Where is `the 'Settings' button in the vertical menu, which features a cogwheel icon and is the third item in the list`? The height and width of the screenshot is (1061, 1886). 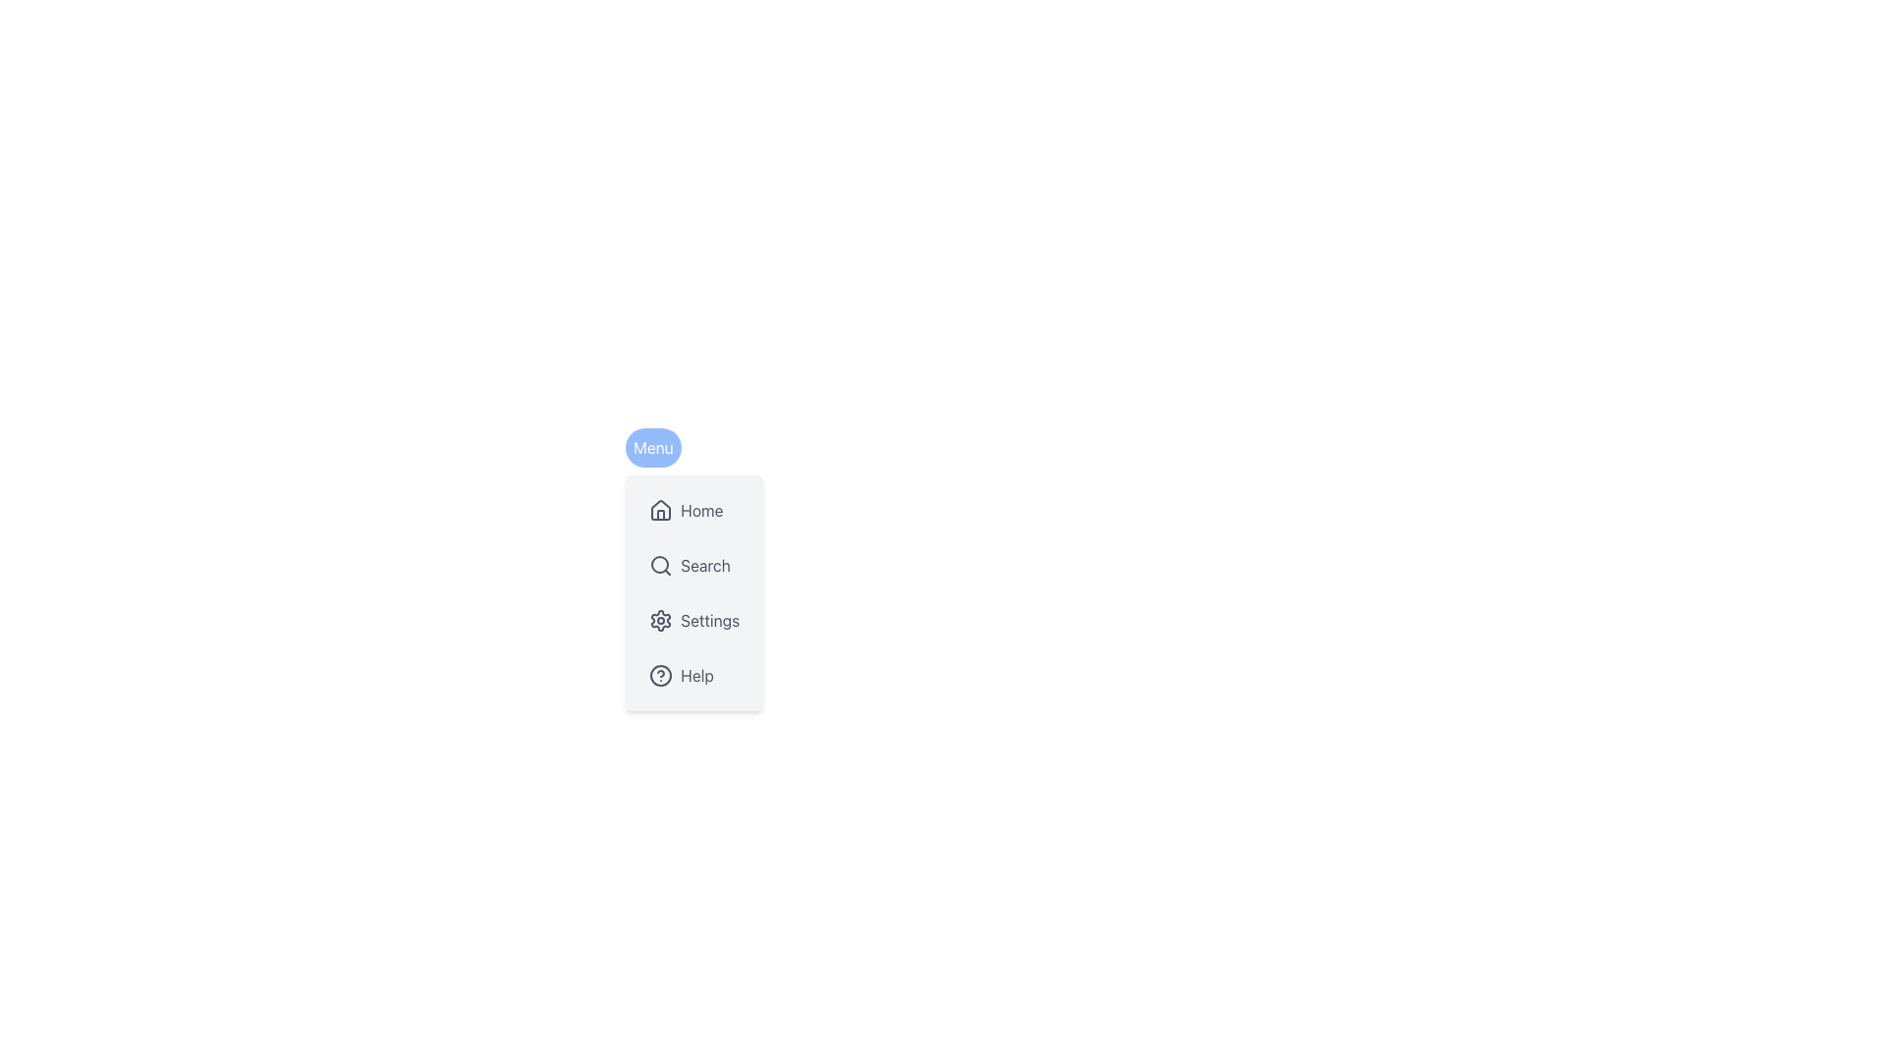 the 'Settings' button in the vertical menu, which features a cogwheel icon and is the third item in the list is located at coordinates (694, 620).